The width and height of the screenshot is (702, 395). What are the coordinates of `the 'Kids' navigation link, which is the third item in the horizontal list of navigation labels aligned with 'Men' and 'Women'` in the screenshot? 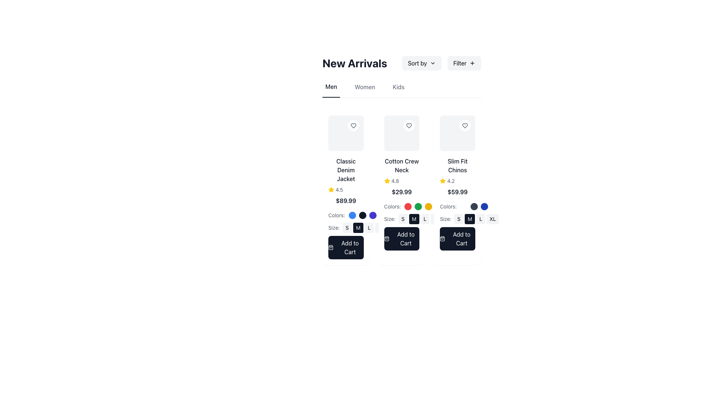 It's located at (398, 90).